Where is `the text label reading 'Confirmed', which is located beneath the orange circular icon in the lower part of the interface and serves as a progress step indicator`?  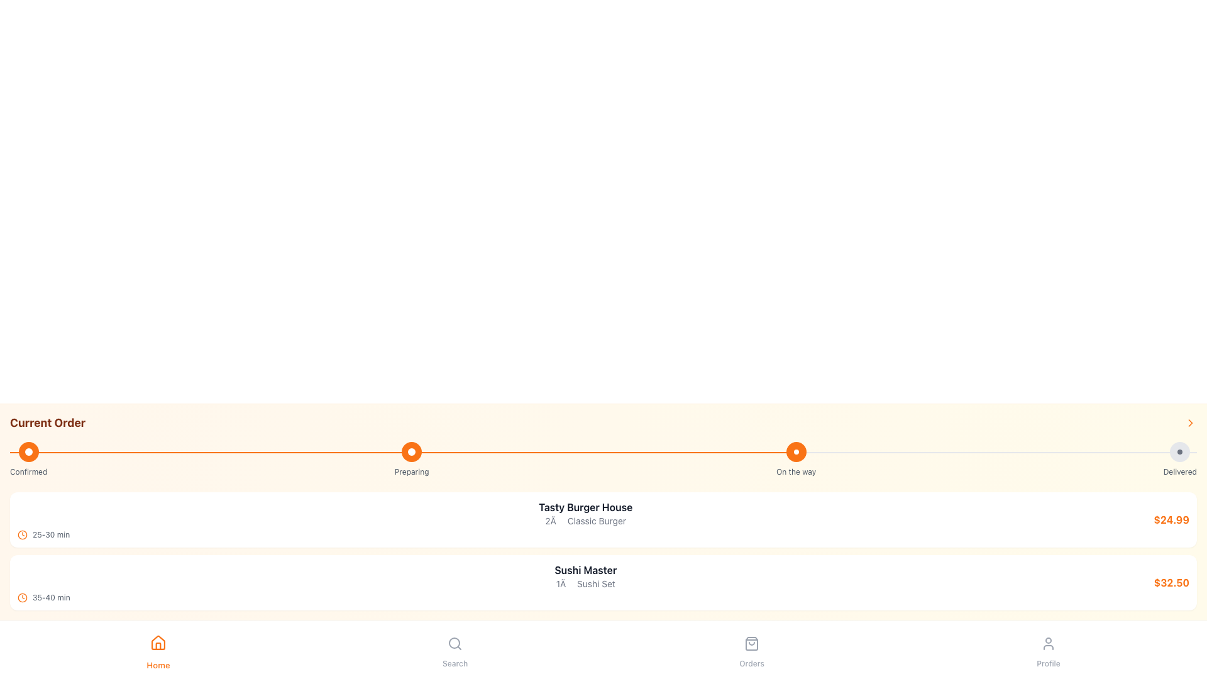 the text label reading 'Confirmed', which is located beneath the orange circular icon in the lower part of the interface and serves as a progress step indicator is located at coordinates (28, 472).